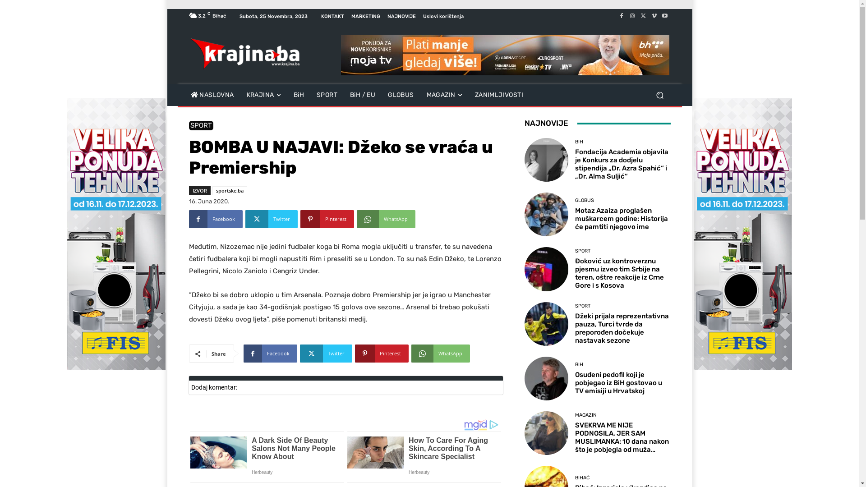 The height and width of the screenshot is (487, 866). Describe the element at coordinates (229, 190) in the screenshot. I see `'sportske.ba'` at that location.